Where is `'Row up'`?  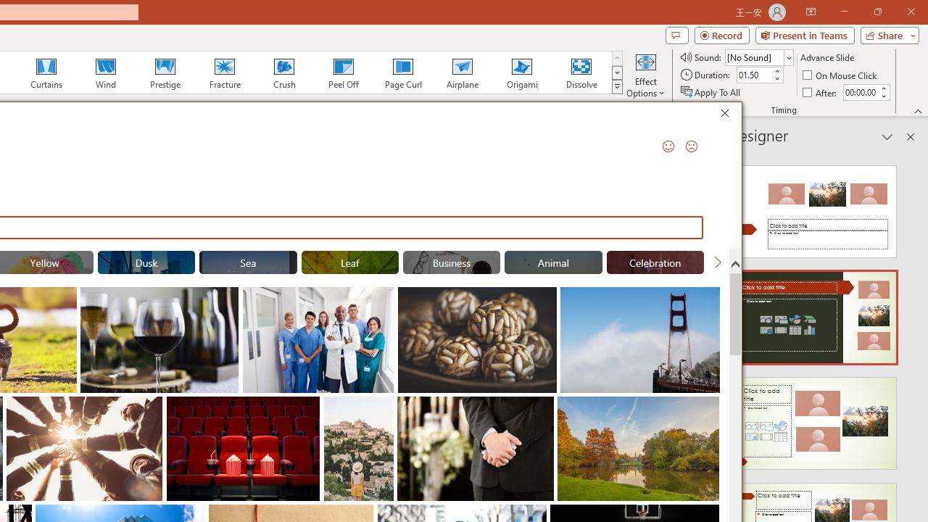
'Row up' is located at coordinates (617, 57).